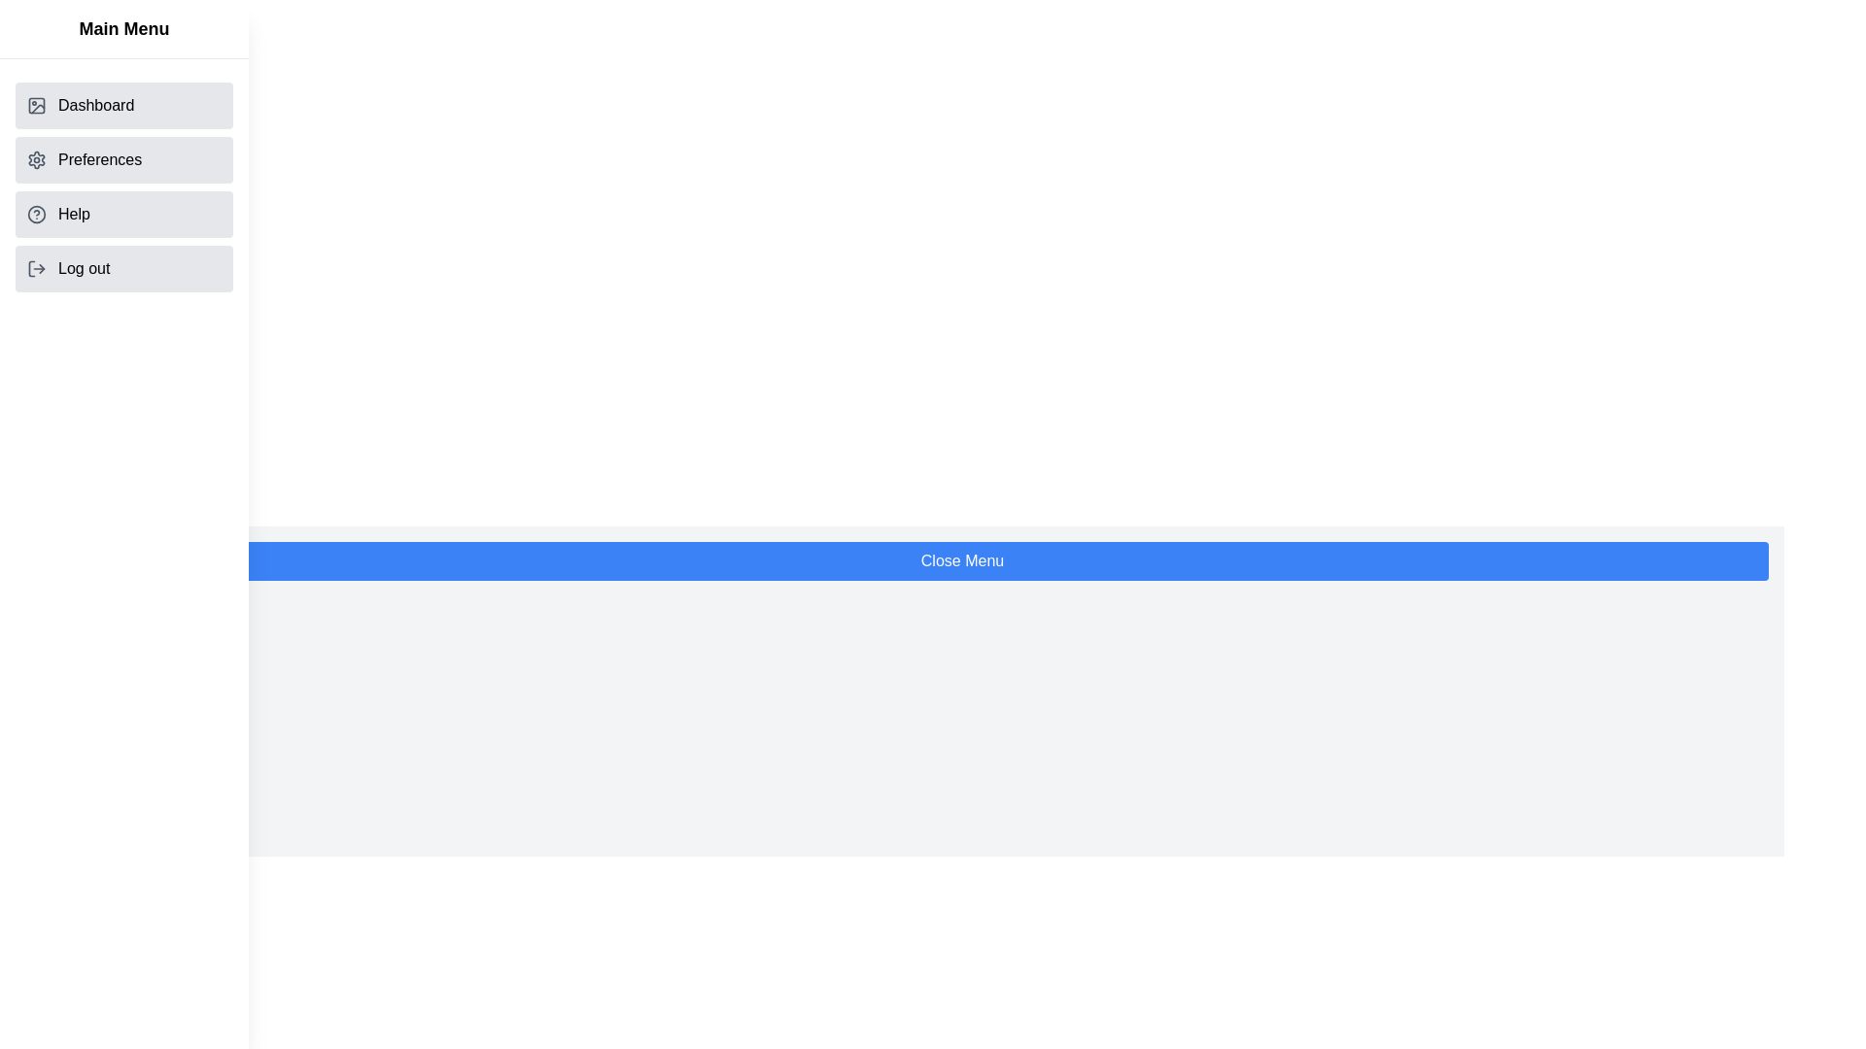 This screenshot has width=1866, height=1049. What do you see at coordinates (962, 561) in the screenshot?
I see `the 'Close Menu' button to close the drawer` at bounding box center [962, 561].